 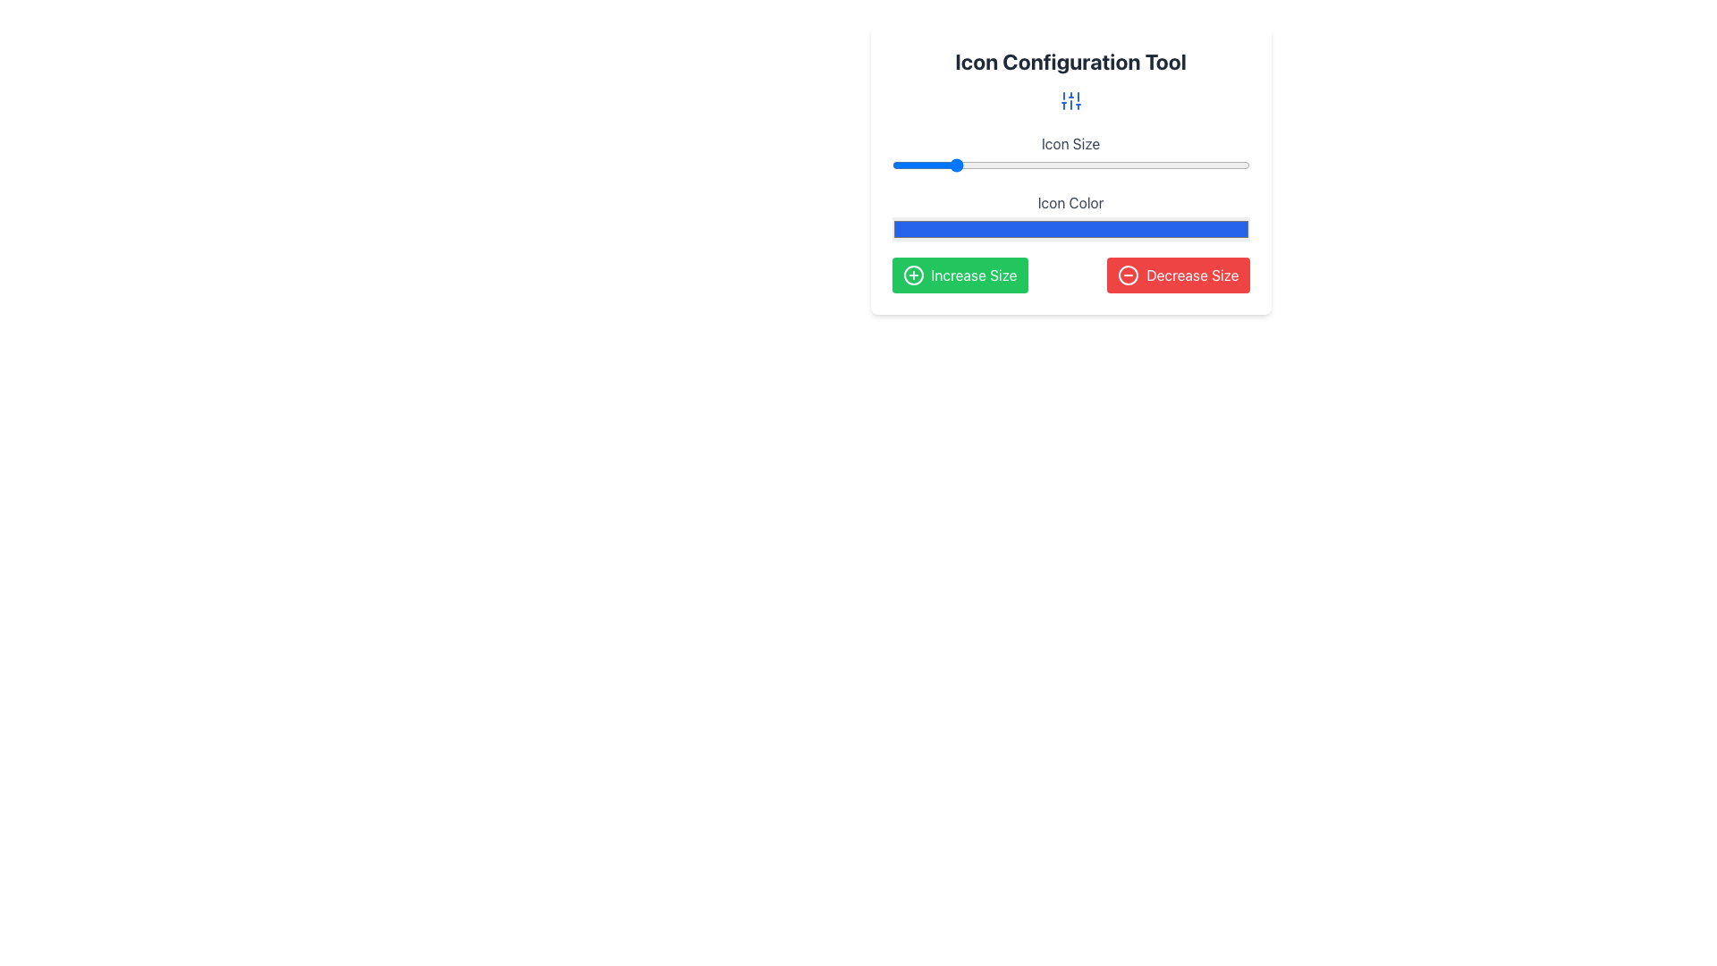 What do you see at coordinates (1011, 165) in the screenshot?
I see `the icon size` at bounding box center [1011, 165].